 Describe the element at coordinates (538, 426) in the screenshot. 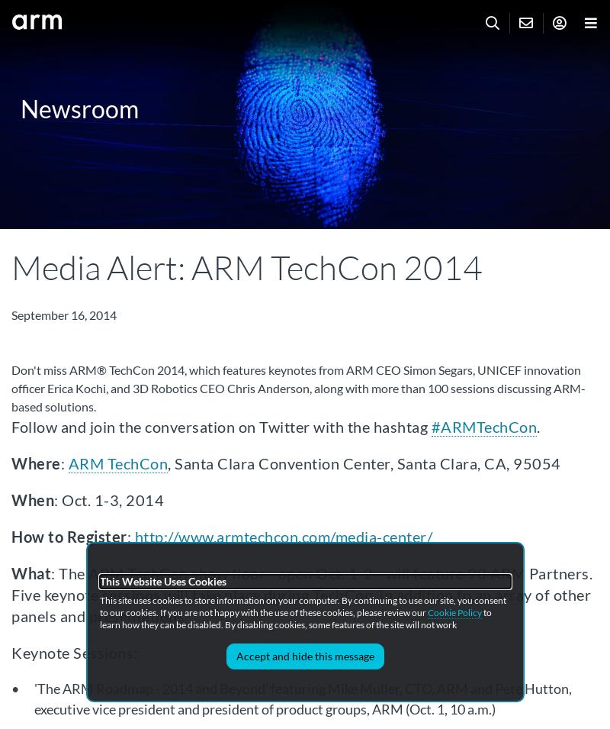

I see `'.'` at that location.